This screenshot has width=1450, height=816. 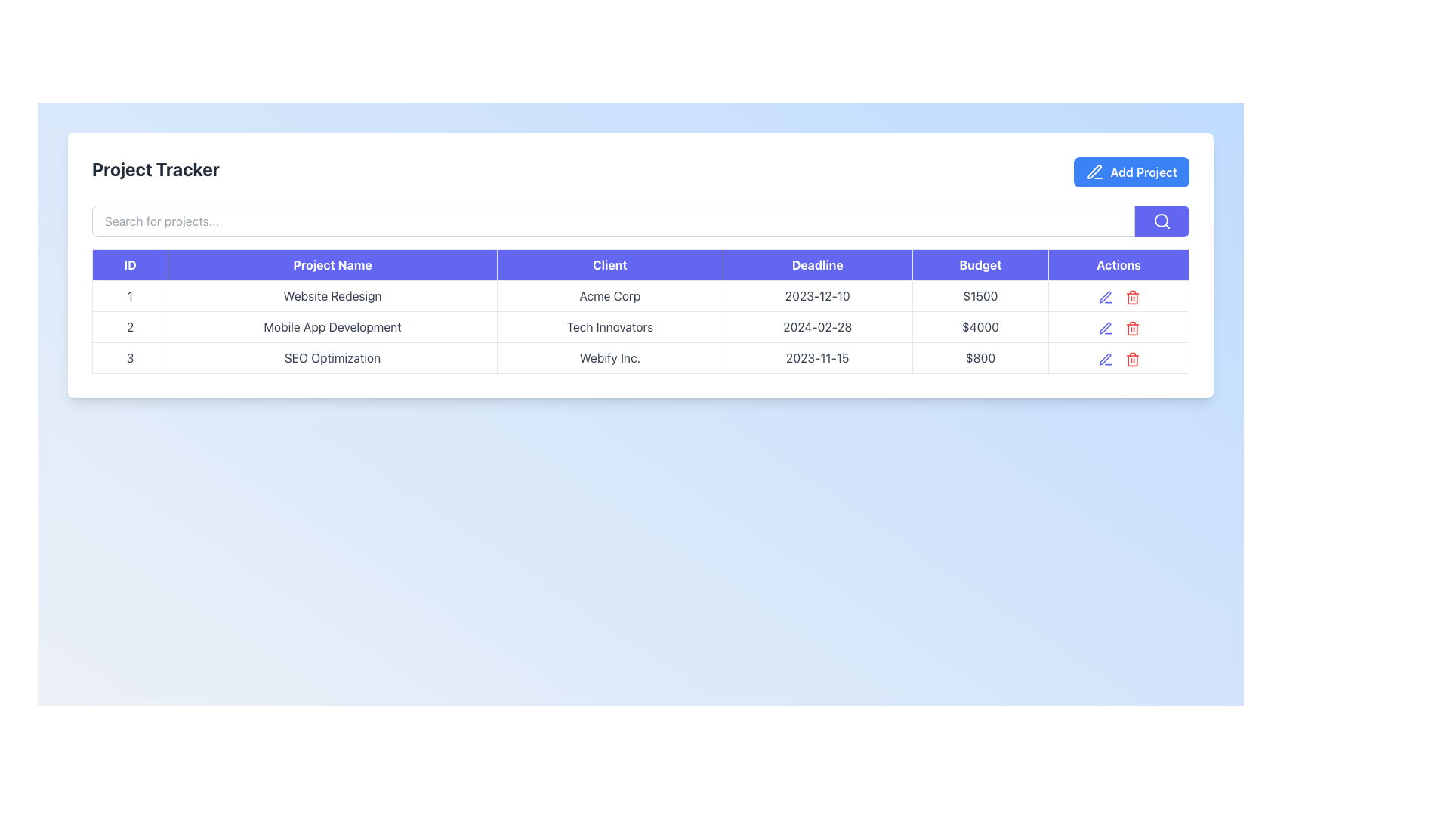 I want to click on the edit button in the 'Actions' column of the 'Mobile App Development' project row, so click(x=1105, y=358).